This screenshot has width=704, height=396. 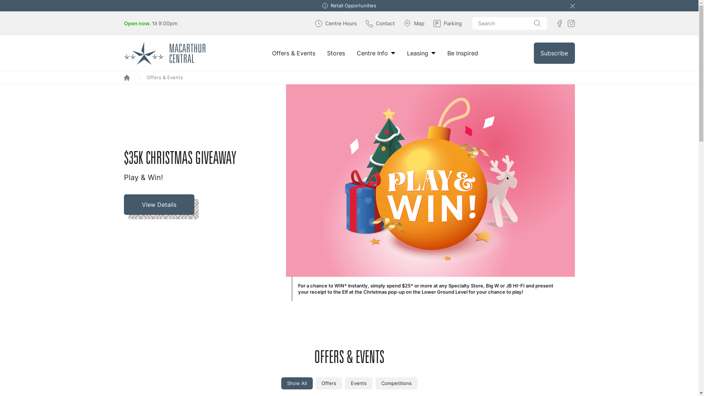 I want to click on 'Be Inspired', so click(x=462, y=53).